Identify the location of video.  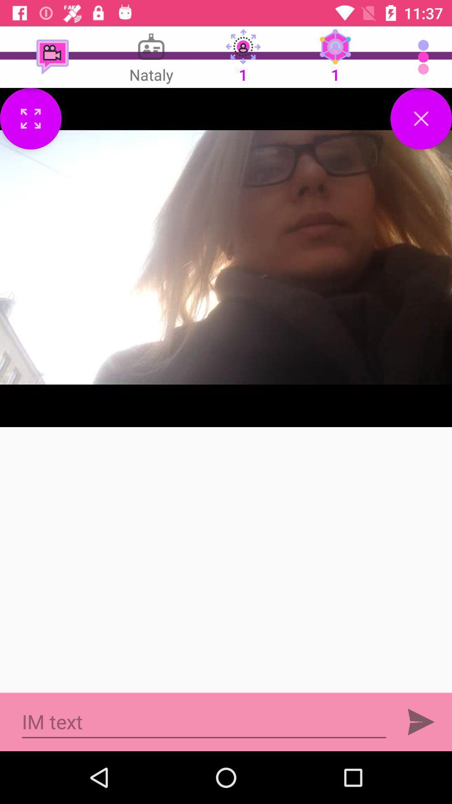
(421, 118).